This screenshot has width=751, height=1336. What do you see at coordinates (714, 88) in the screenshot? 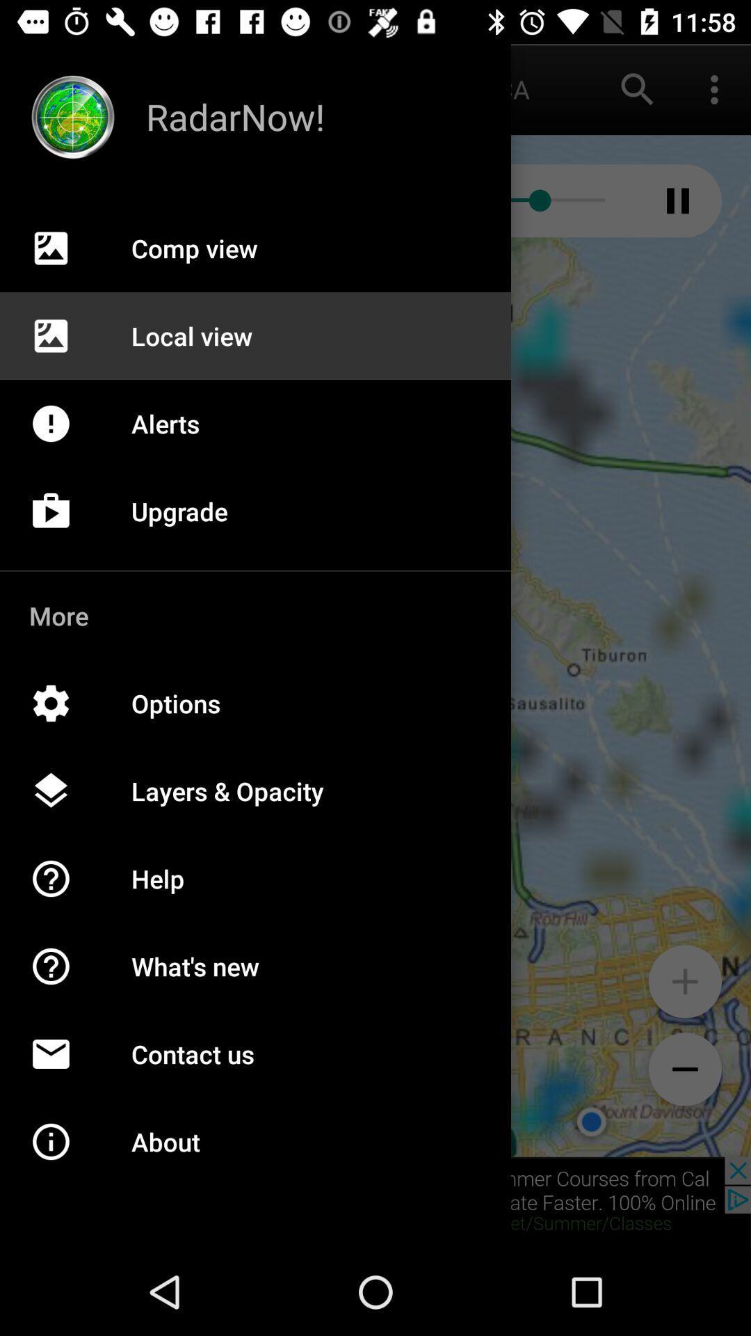
I see `the more icon` at bounding box center [714, 88].